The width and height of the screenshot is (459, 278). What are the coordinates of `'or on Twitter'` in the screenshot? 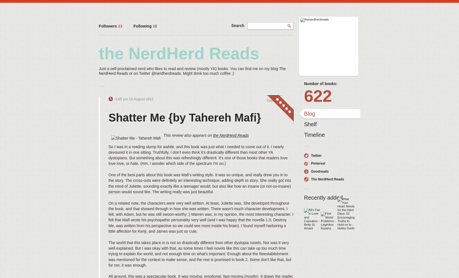 It's located at (128, 73).